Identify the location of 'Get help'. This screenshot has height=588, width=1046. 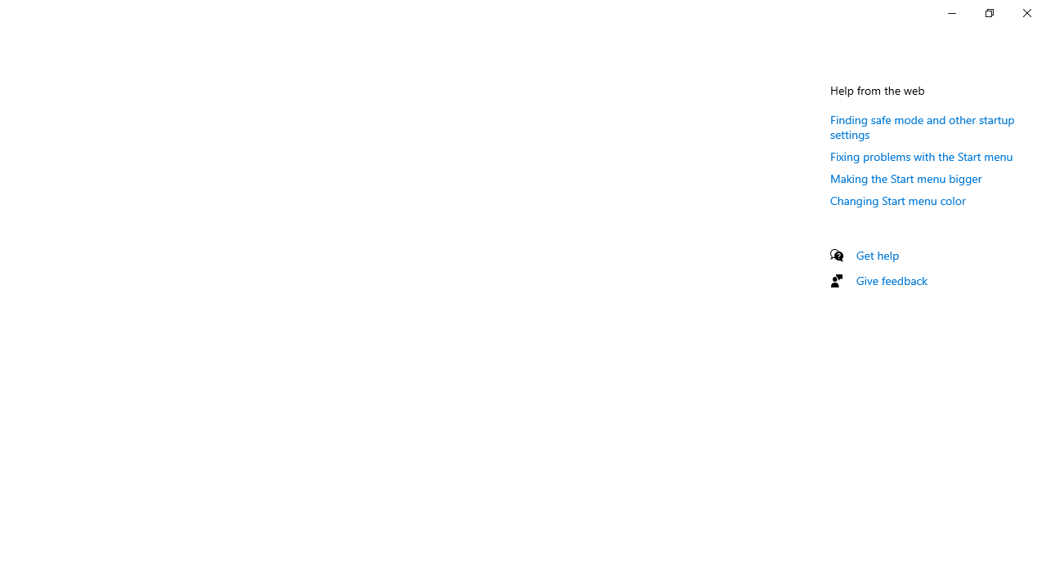
(877, 255).